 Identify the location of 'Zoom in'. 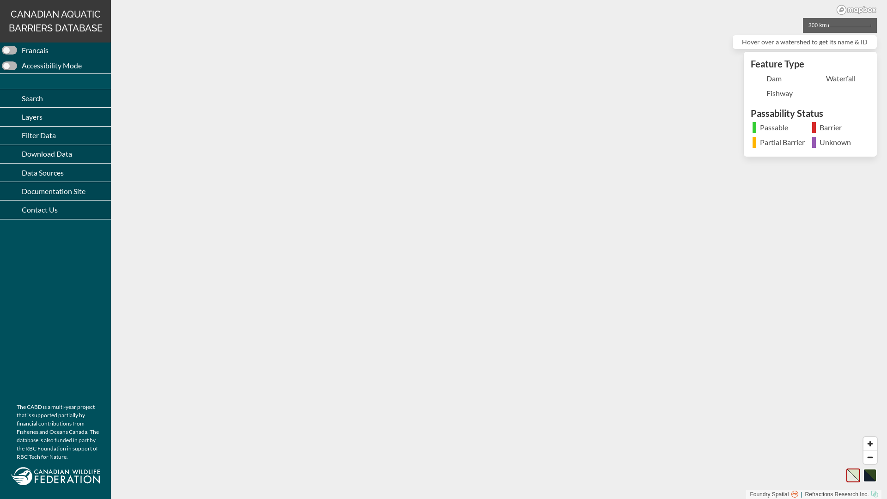
(869, 443).